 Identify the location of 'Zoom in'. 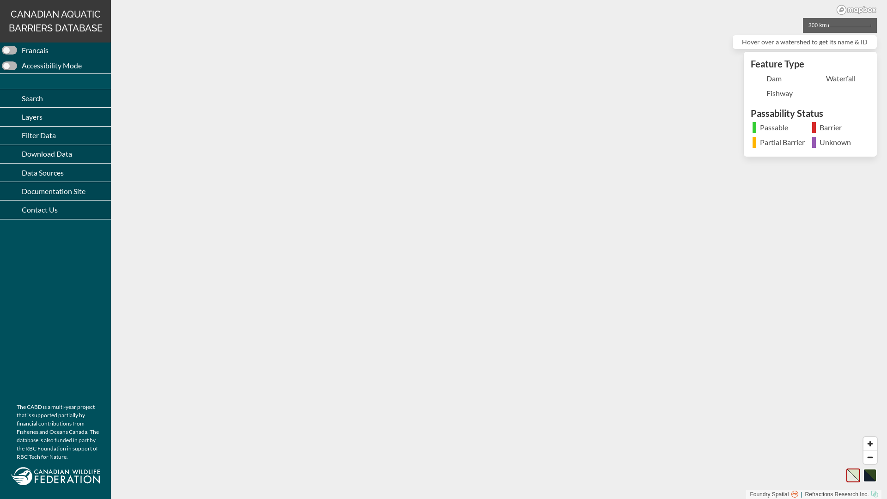
(869, 443).